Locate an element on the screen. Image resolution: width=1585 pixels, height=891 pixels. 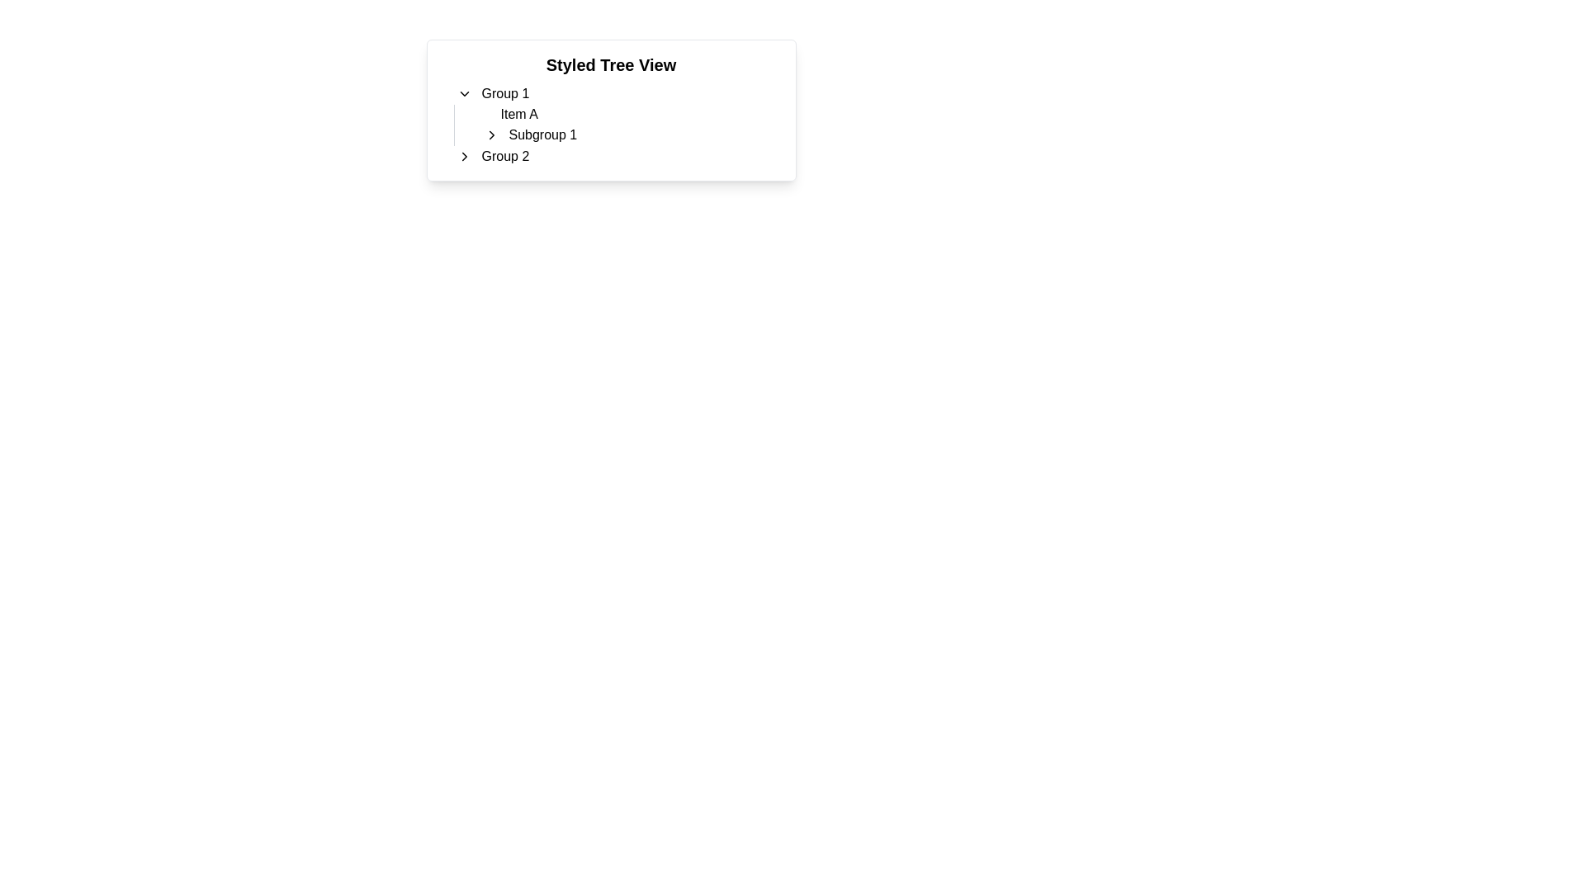
the 'Group 1' text label is located at coordinates (504, 94).